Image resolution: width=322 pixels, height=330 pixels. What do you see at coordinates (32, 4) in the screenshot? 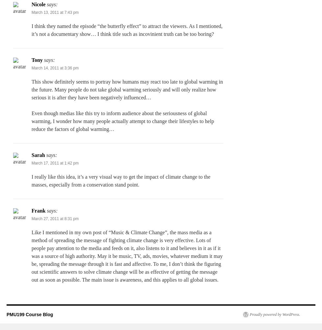
I see `'Nicole'` at bounding box center [32, 4].